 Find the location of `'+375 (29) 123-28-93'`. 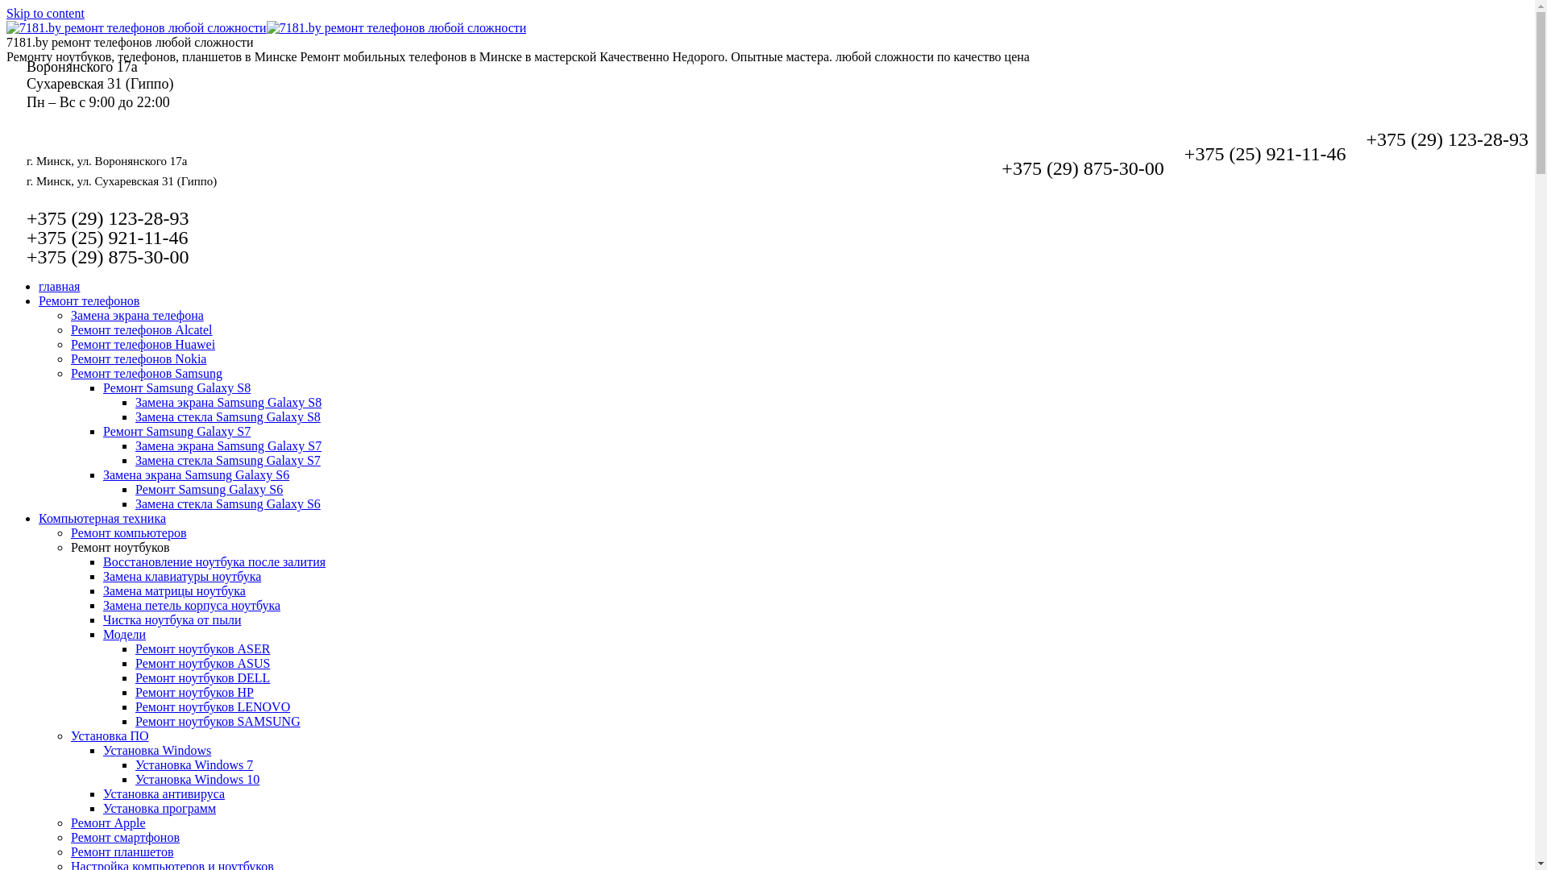

'+375 (29) 123-28-93' is located at coordinates (107, 217).